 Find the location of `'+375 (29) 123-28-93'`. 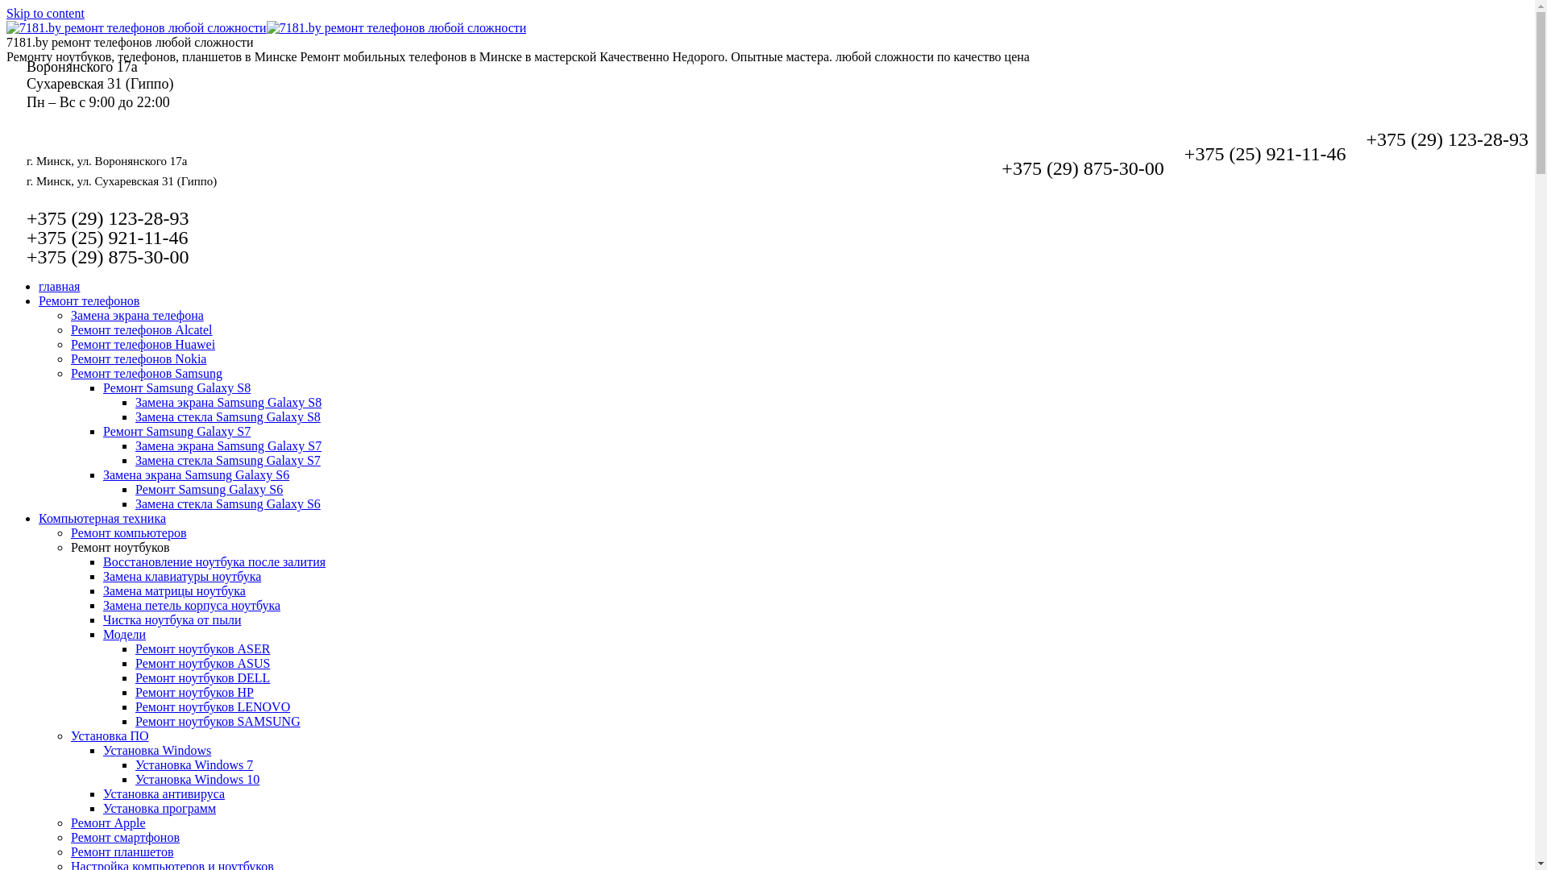

'+375 (29) 123-28-93' is located at coordinates (107, 217).